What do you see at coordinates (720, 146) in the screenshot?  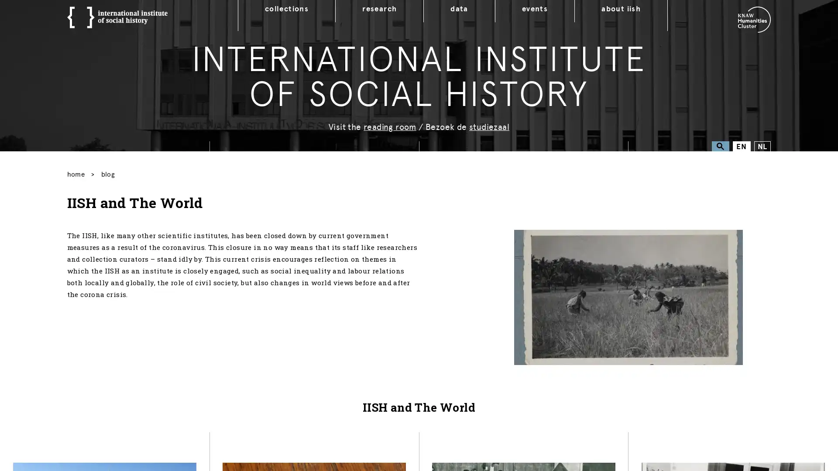 I see `Search` at bounding box center [720, 146].